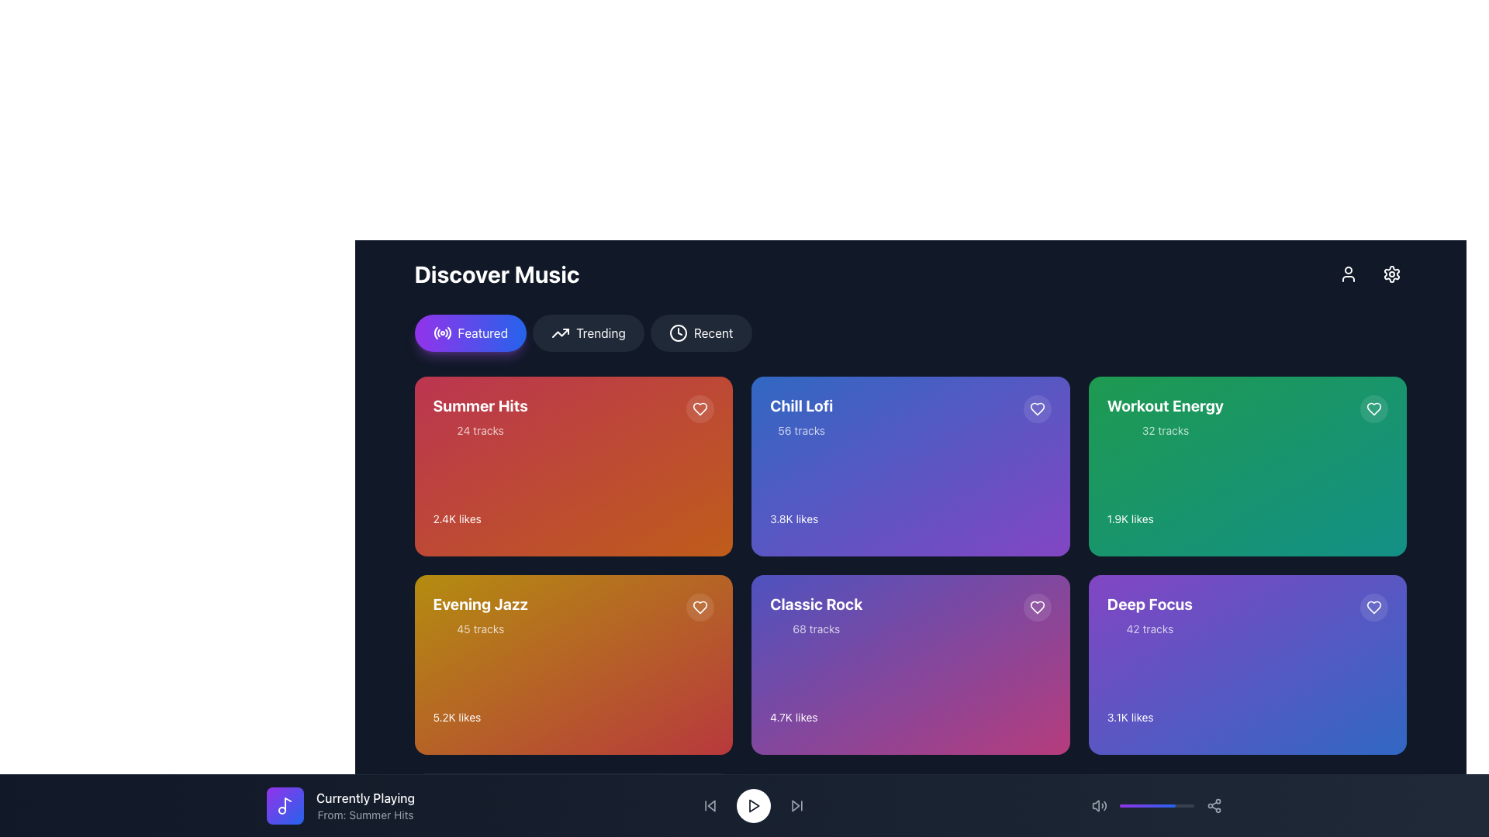 The width and height of the screenshot is (1489, 837). Describe the element at coordinates (695, 543) in the screenshot. I see `the play button located at the bottom right corner of the 'Summer Hits' card to initiate playback` at that location.